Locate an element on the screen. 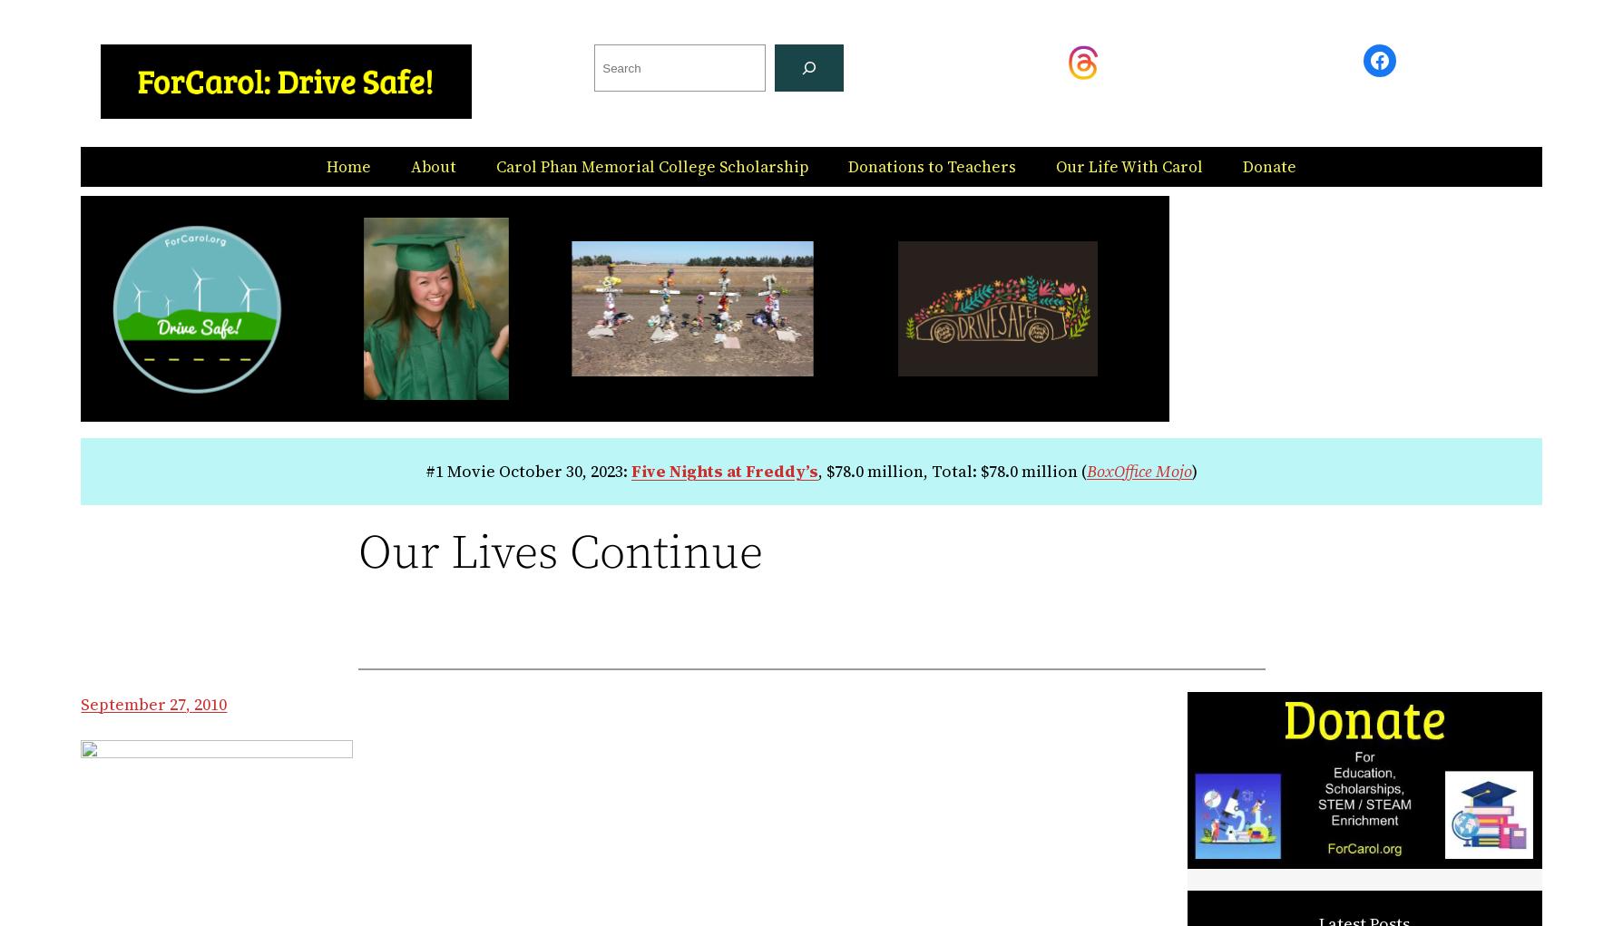  ', $78.0 million, Total: $78.0 million (' is located at coordinates (951, 470).